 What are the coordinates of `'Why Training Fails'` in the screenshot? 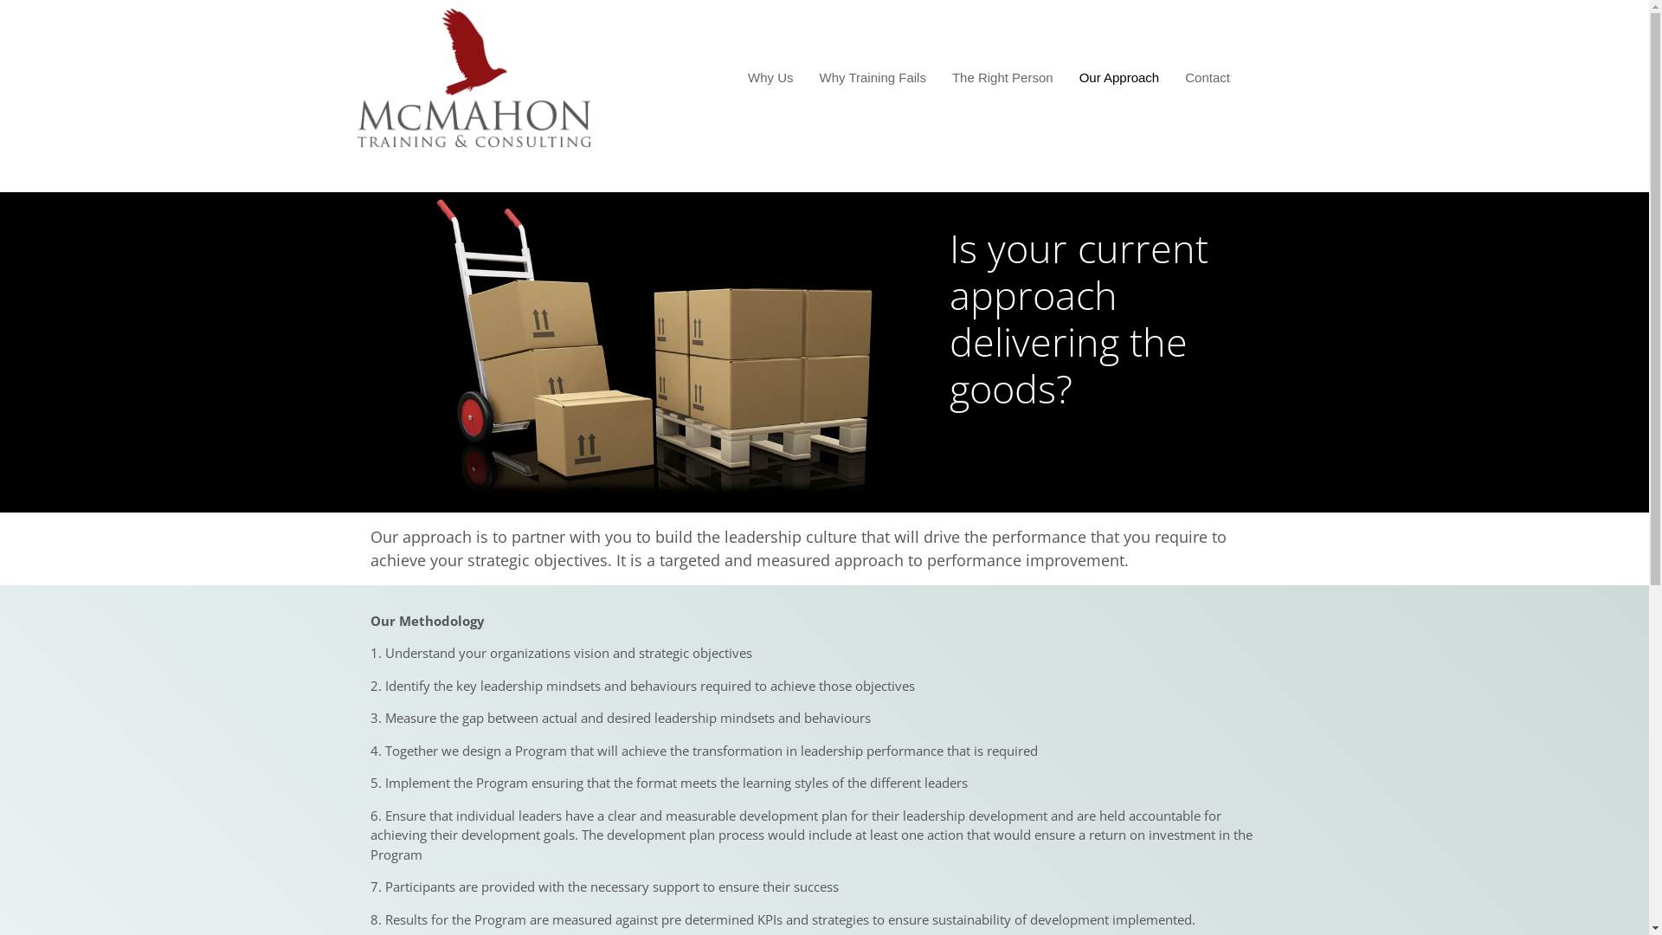 It's located at (805, 76).